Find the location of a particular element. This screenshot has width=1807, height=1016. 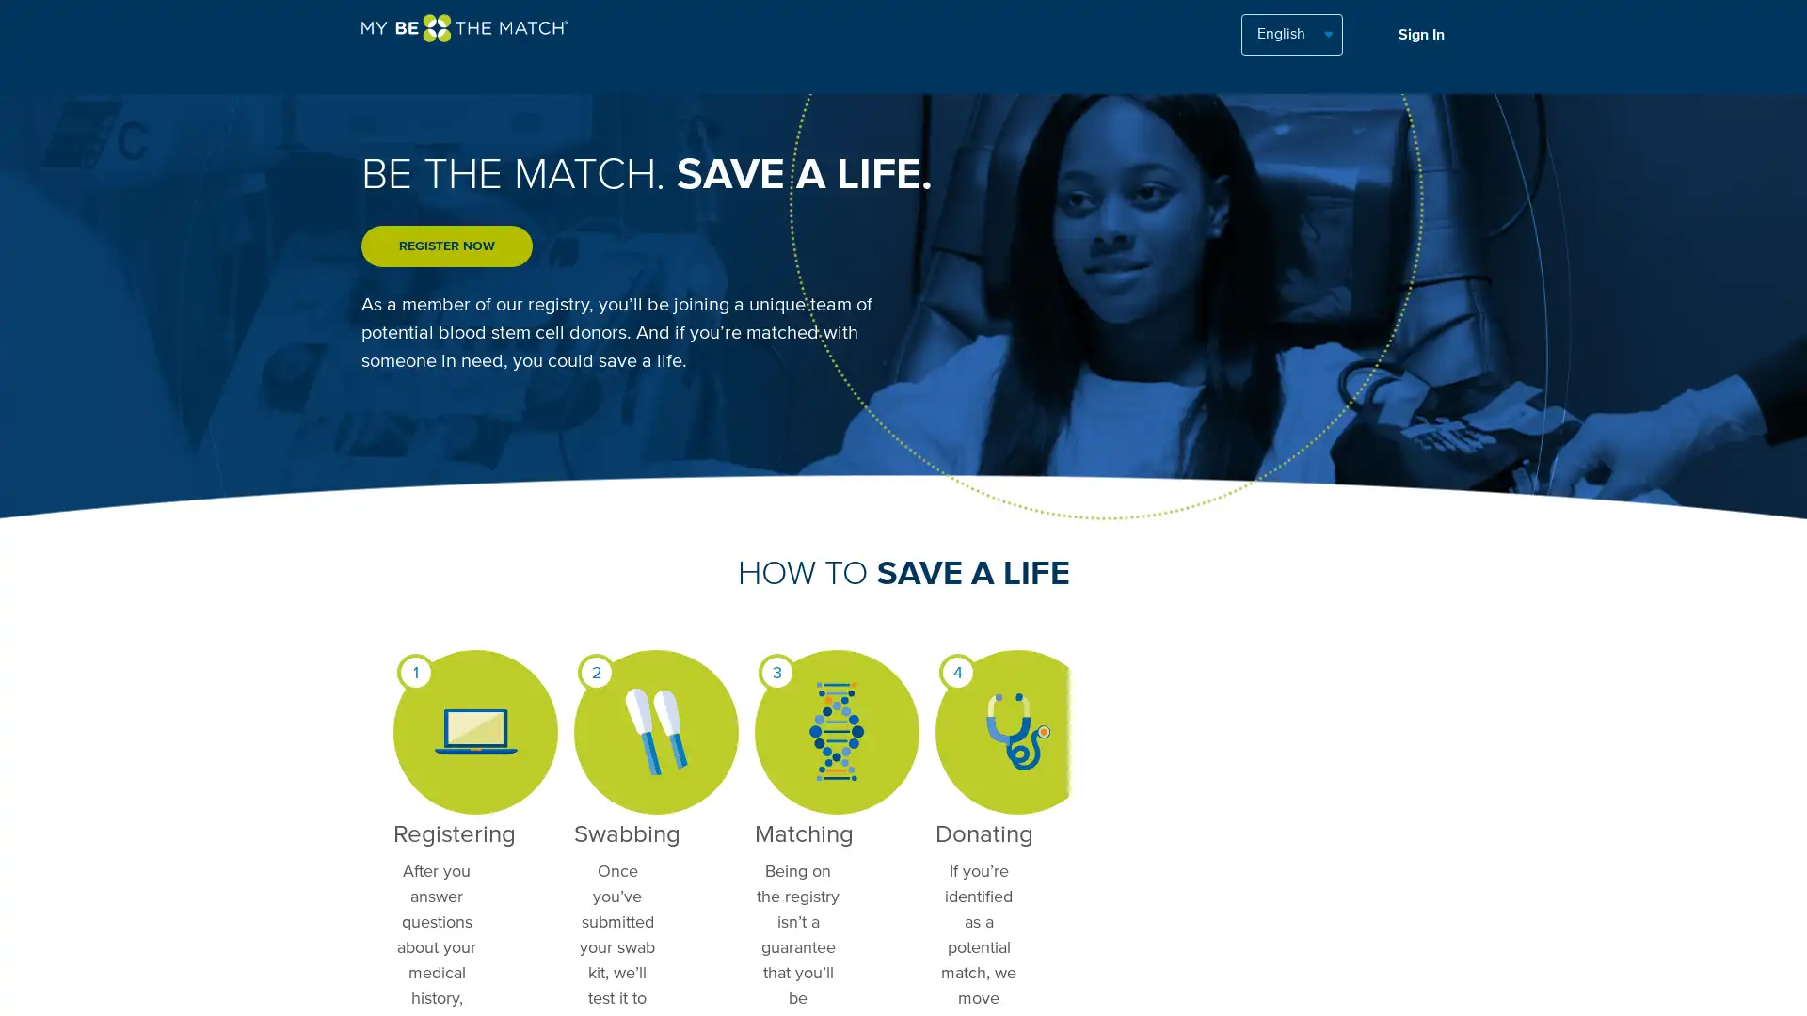

REGISTER NOW is located at coordinates (446, 246).